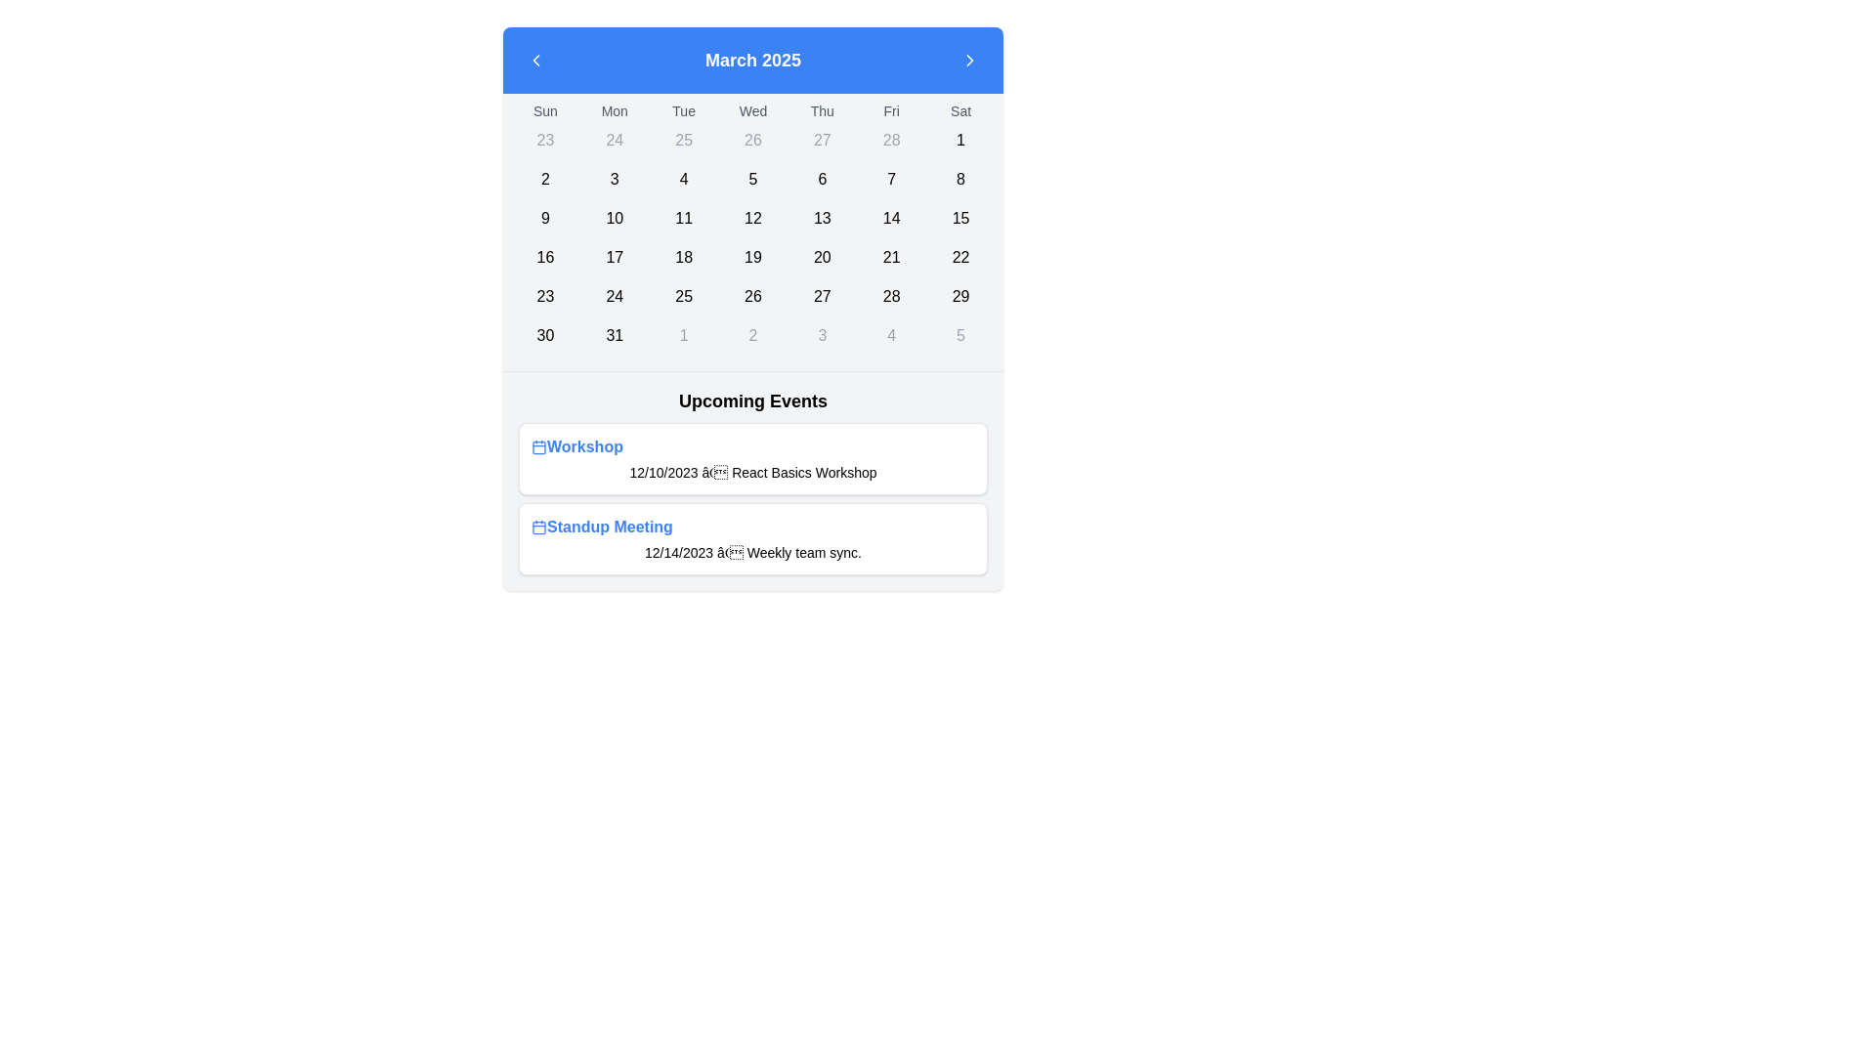  I want to click on the calendar day cell displaying the number '5' in March 2025, located in the third row and fourth column, so click(752, 180).